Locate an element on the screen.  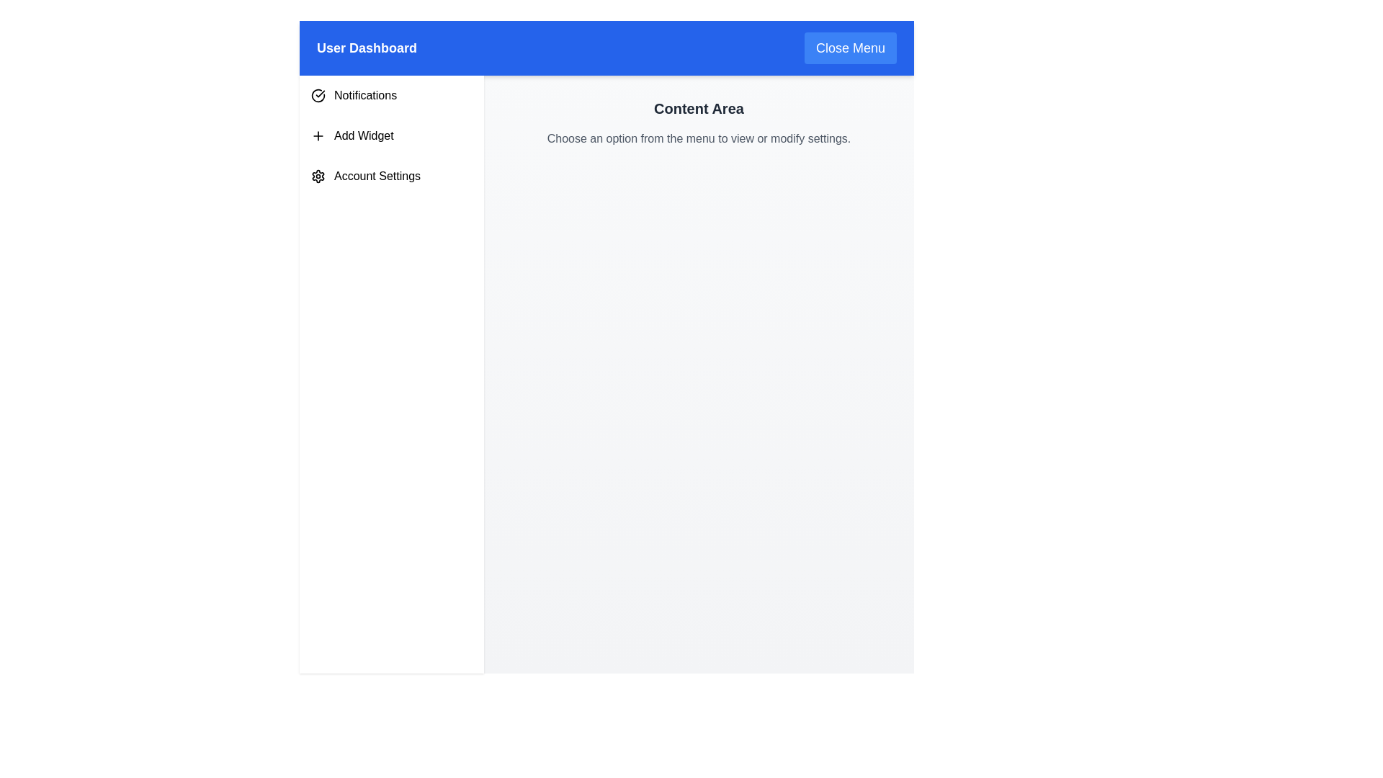
the 'Account Settings' icon located in the sidebar, which serves as a visual representation for account-related options is located at coordinates (317, 176).